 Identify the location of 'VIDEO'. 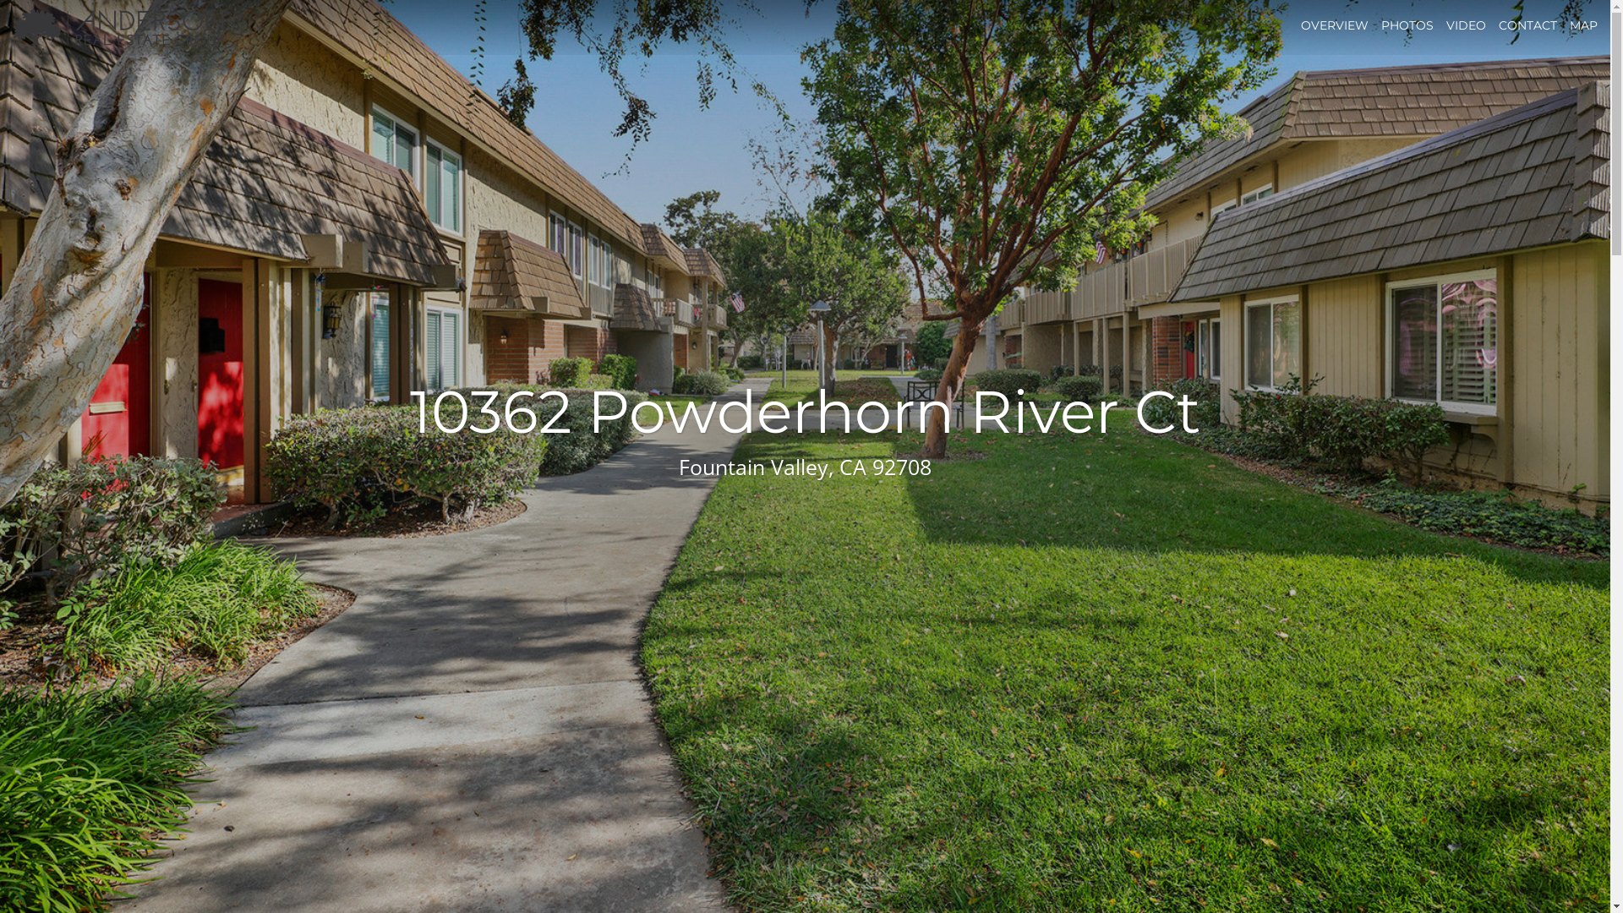
(1445, 25).